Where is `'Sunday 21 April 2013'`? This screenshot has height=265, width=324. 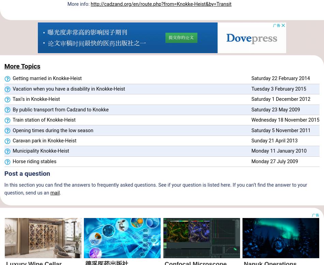 'Sunday 21 April 2013' is located at coordinates (274, 140).